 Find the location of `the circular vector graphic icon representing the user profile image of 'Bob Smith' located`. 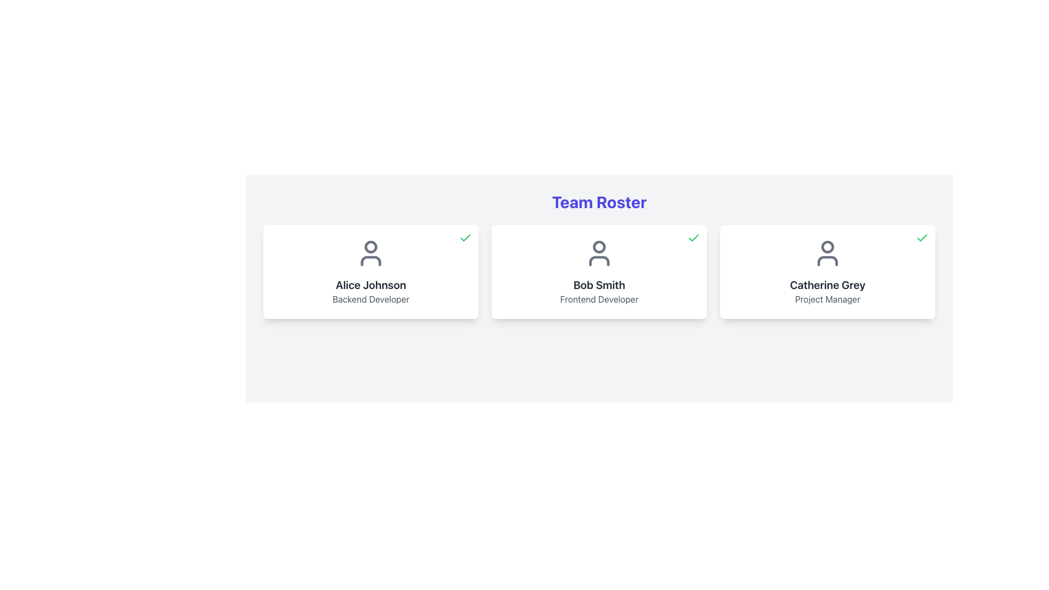

the circular vector graphic icon representing the user profile image of 'Bob Smith' located is located at coordinates (599, 246).